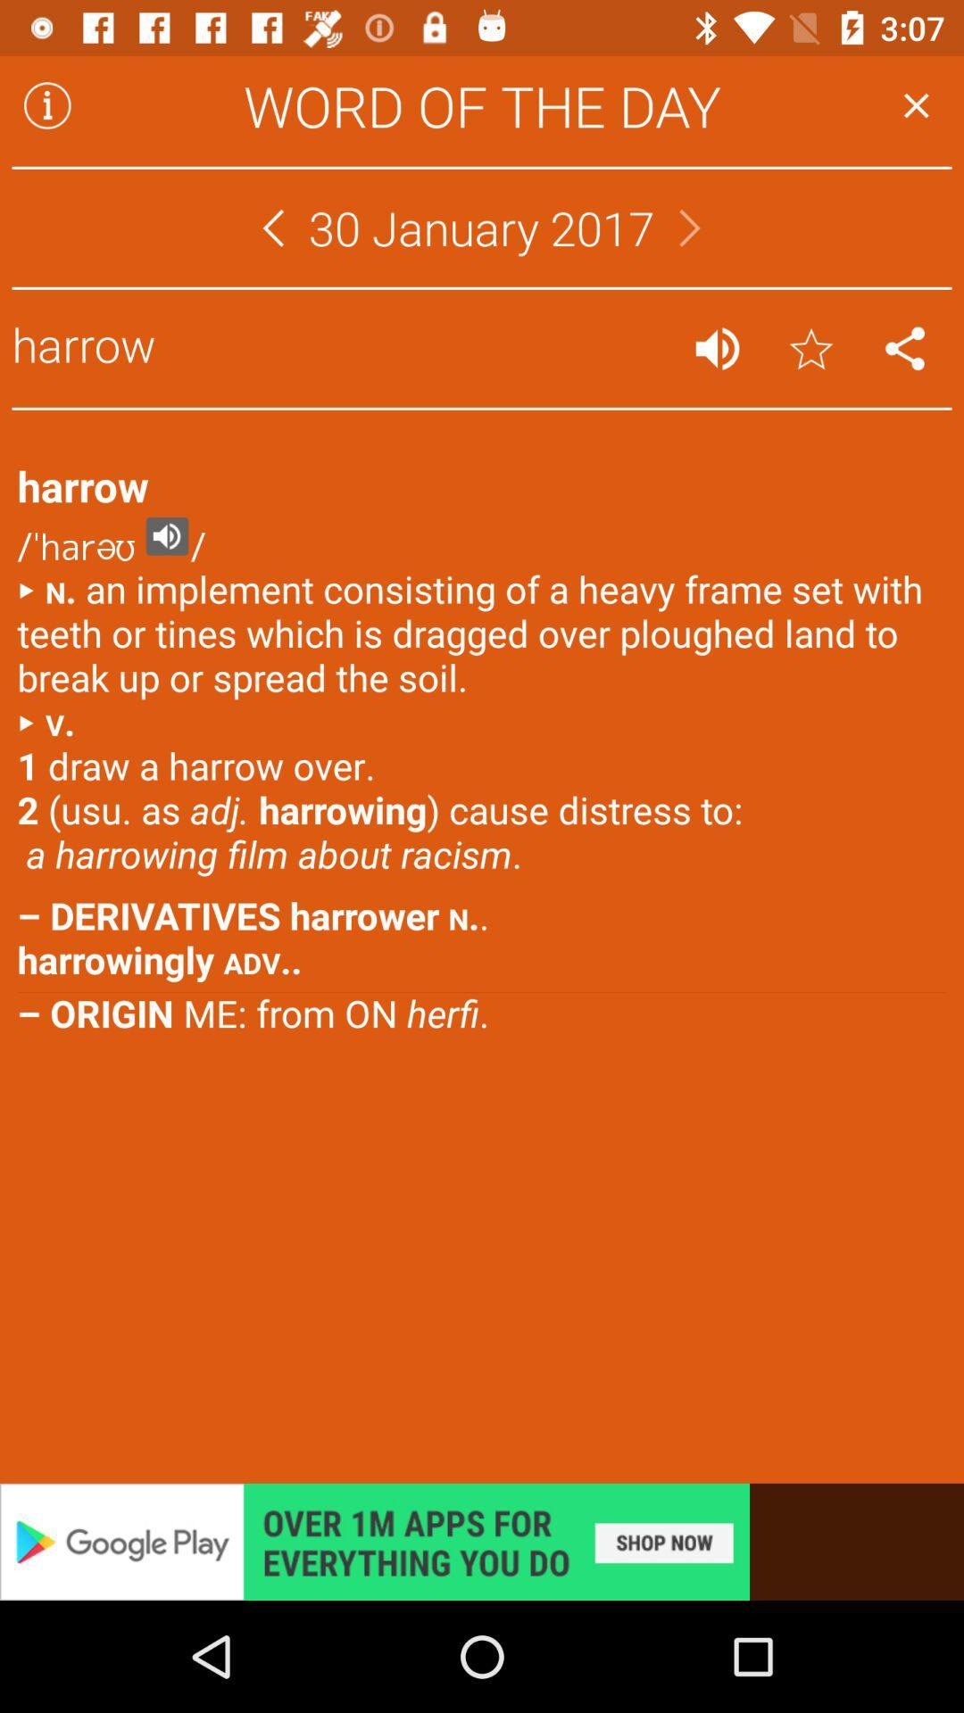 This screenshot has height=1713, width=964. I want to click on save, so click(811, 348).